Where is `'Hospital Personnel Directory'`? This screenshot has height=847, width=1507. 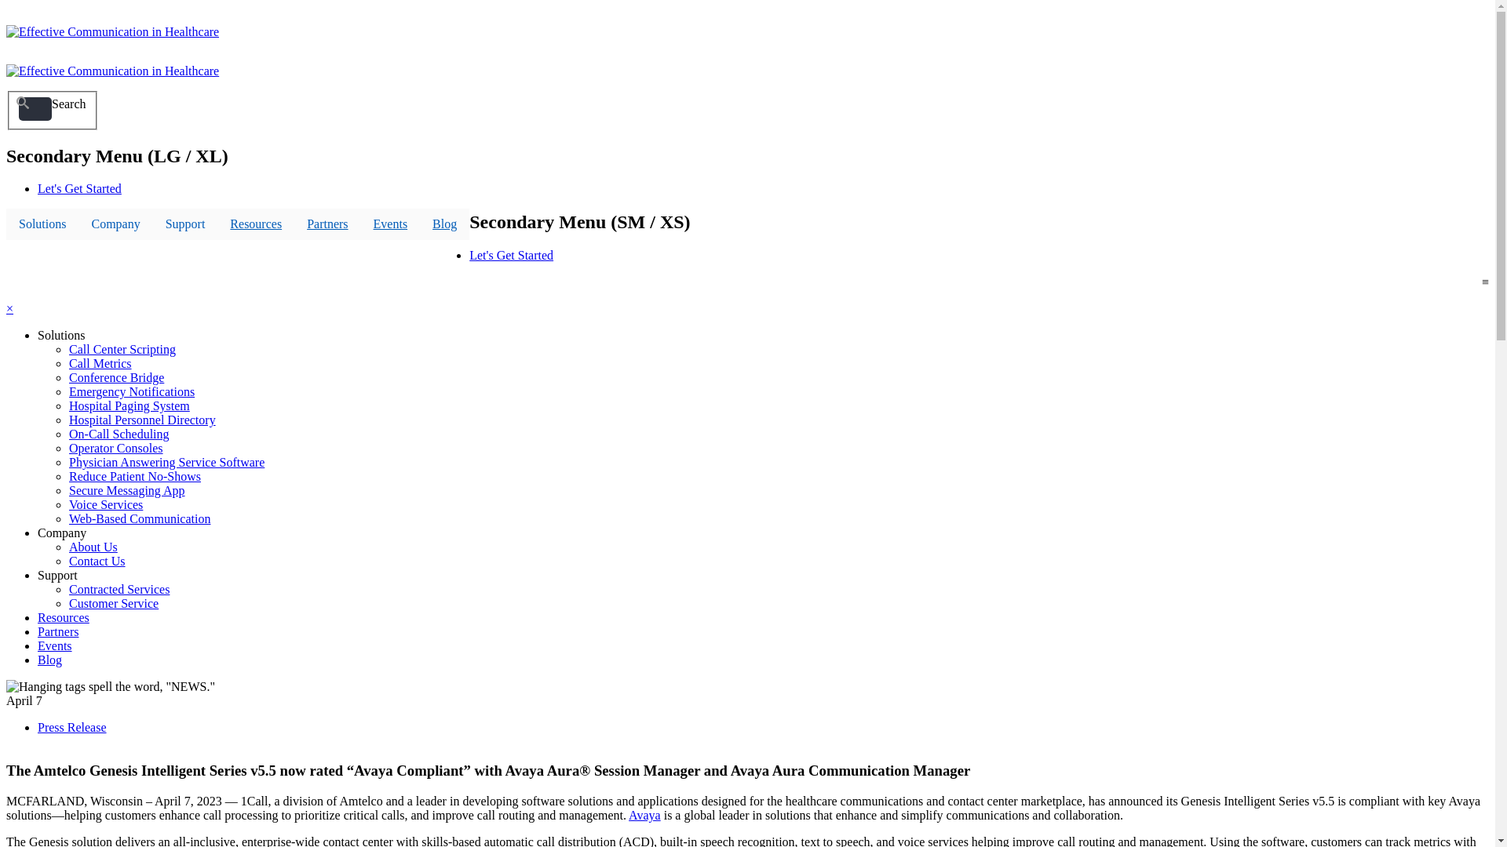 'Hospital Personnel Directory' is located at coordinates (142, 419).